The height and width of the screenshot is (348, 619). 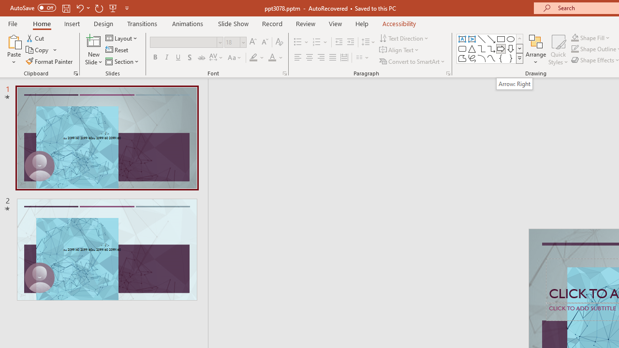 I want to click on 'Convert to SmartArt', so click(x=413, y=61).